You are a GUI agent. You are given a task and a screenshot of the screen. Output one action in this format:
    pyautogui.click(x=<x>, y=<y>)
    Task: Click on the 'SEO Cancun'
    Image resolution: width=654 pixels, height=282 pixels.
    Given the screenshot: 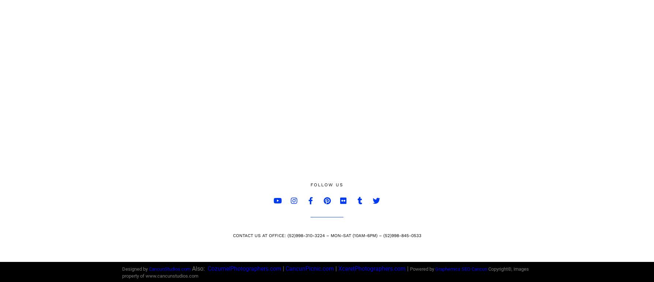 What is the action you would take?
    pyautogui.click(x=461, y=269)
    